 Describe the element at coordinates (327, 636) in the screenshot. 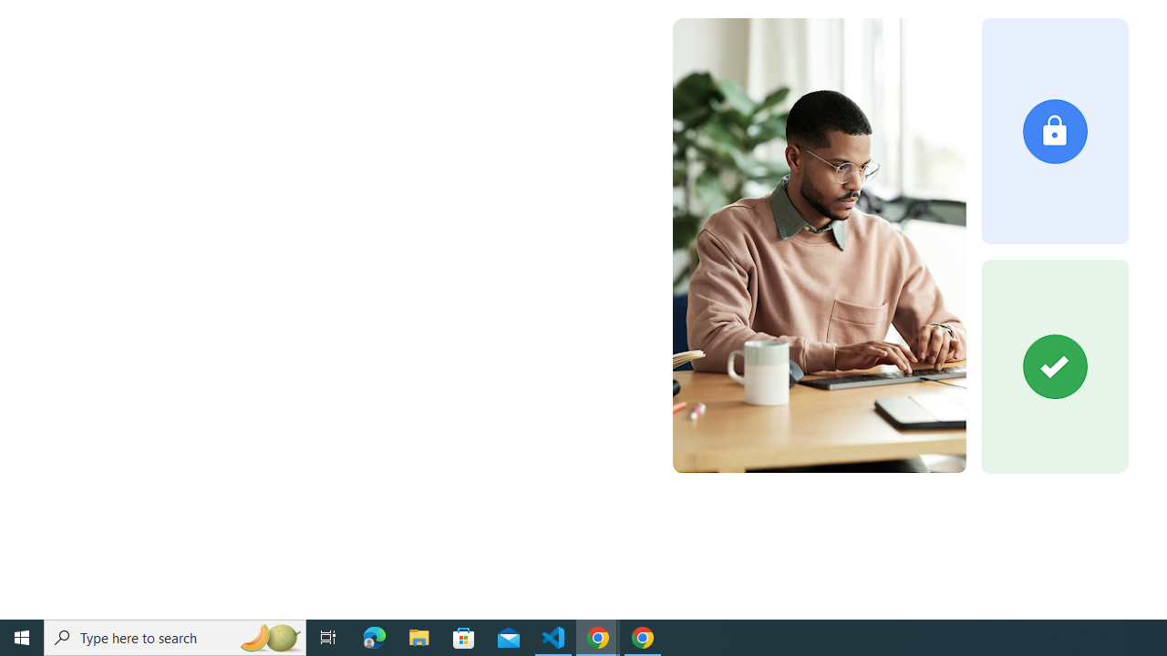

I see `'Task View'` at that location.